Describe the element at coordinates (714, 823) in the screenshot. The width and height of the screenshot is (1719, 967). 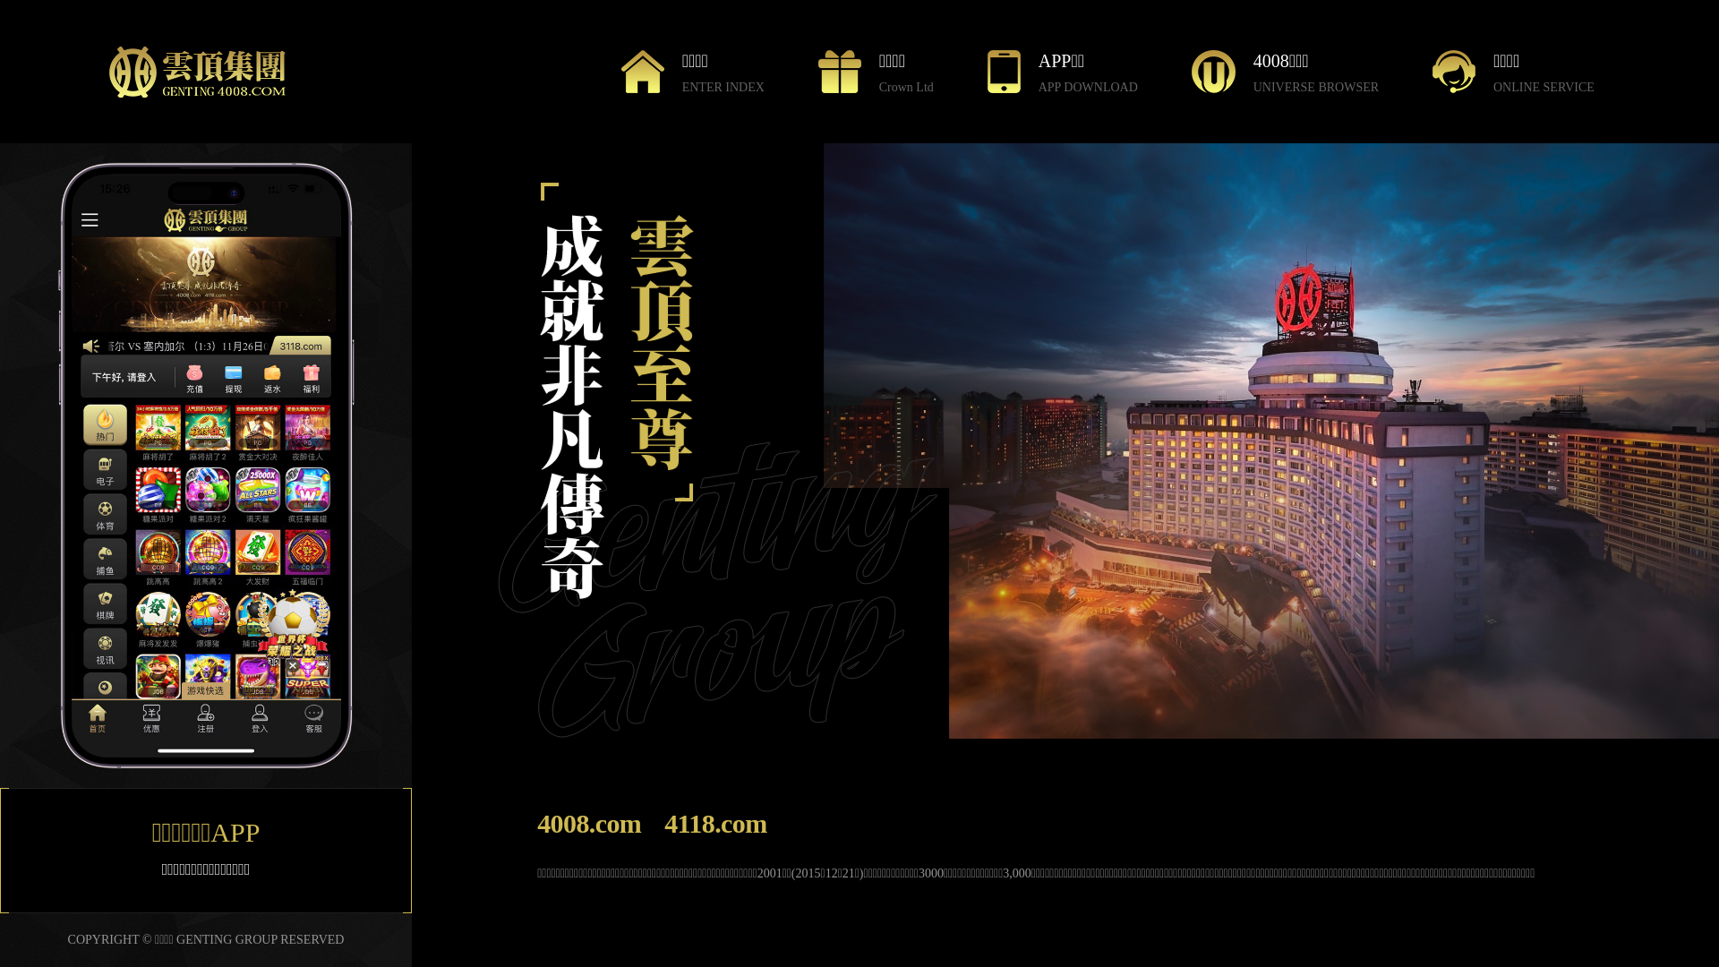
I see `'4118.com'` at that location.